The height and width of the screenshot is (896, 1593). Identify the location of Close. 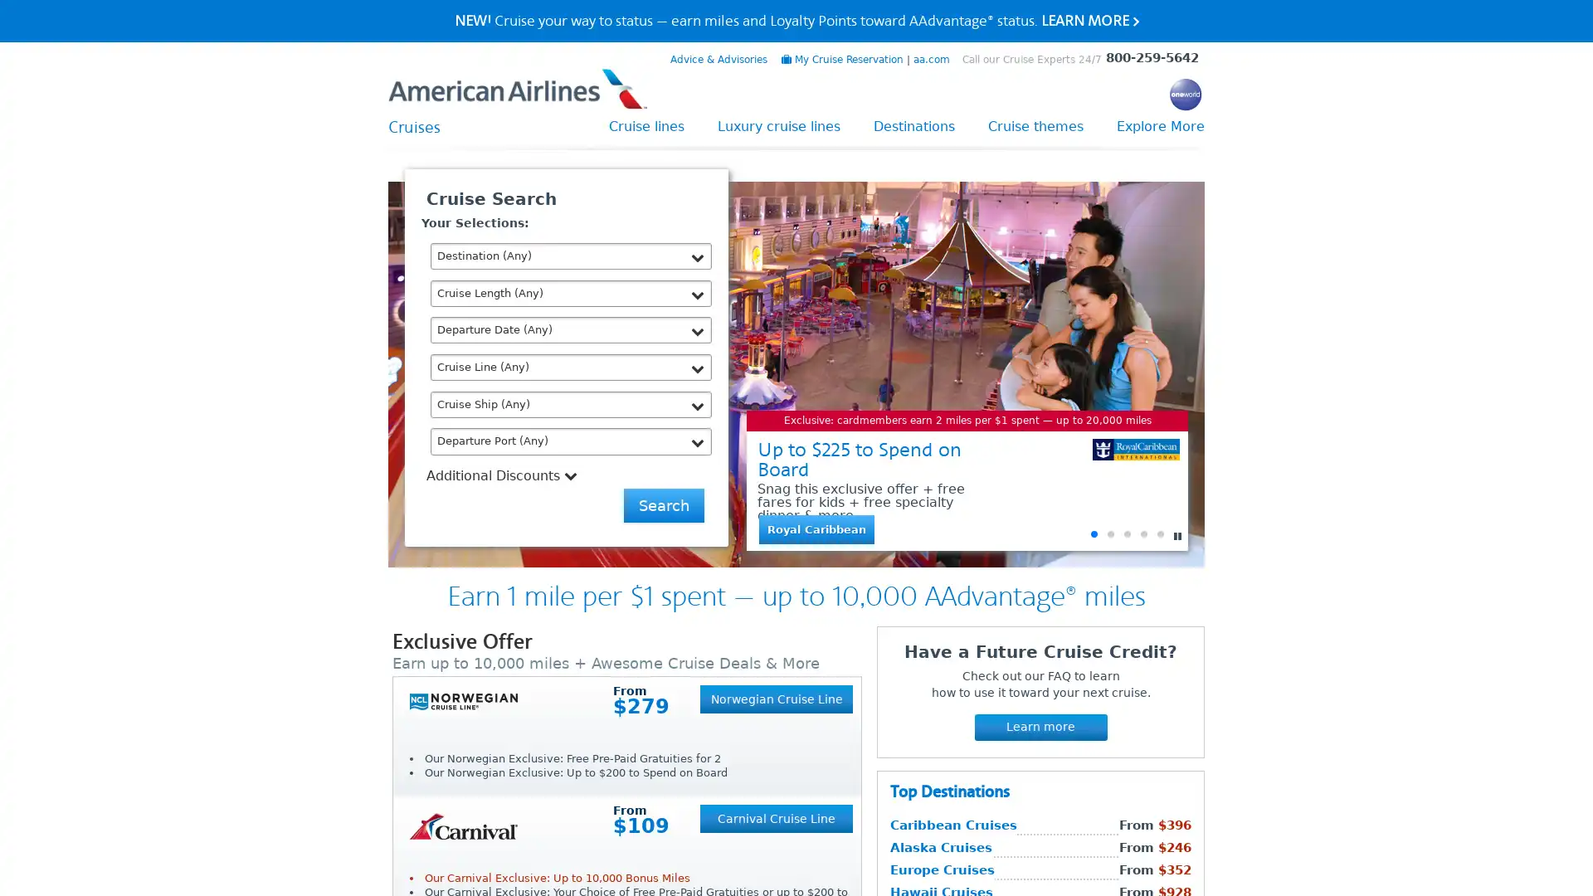
(1099, 243).